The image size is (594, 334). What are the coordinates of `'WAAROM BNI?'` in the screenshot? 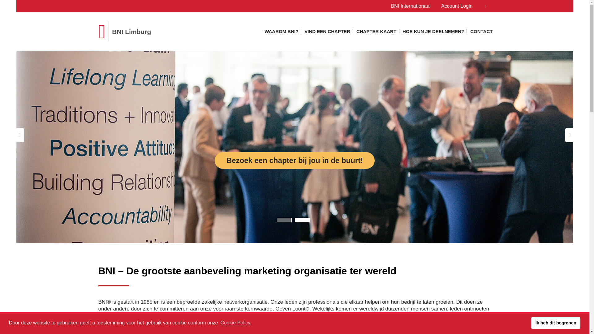 It's located at (264, 33).